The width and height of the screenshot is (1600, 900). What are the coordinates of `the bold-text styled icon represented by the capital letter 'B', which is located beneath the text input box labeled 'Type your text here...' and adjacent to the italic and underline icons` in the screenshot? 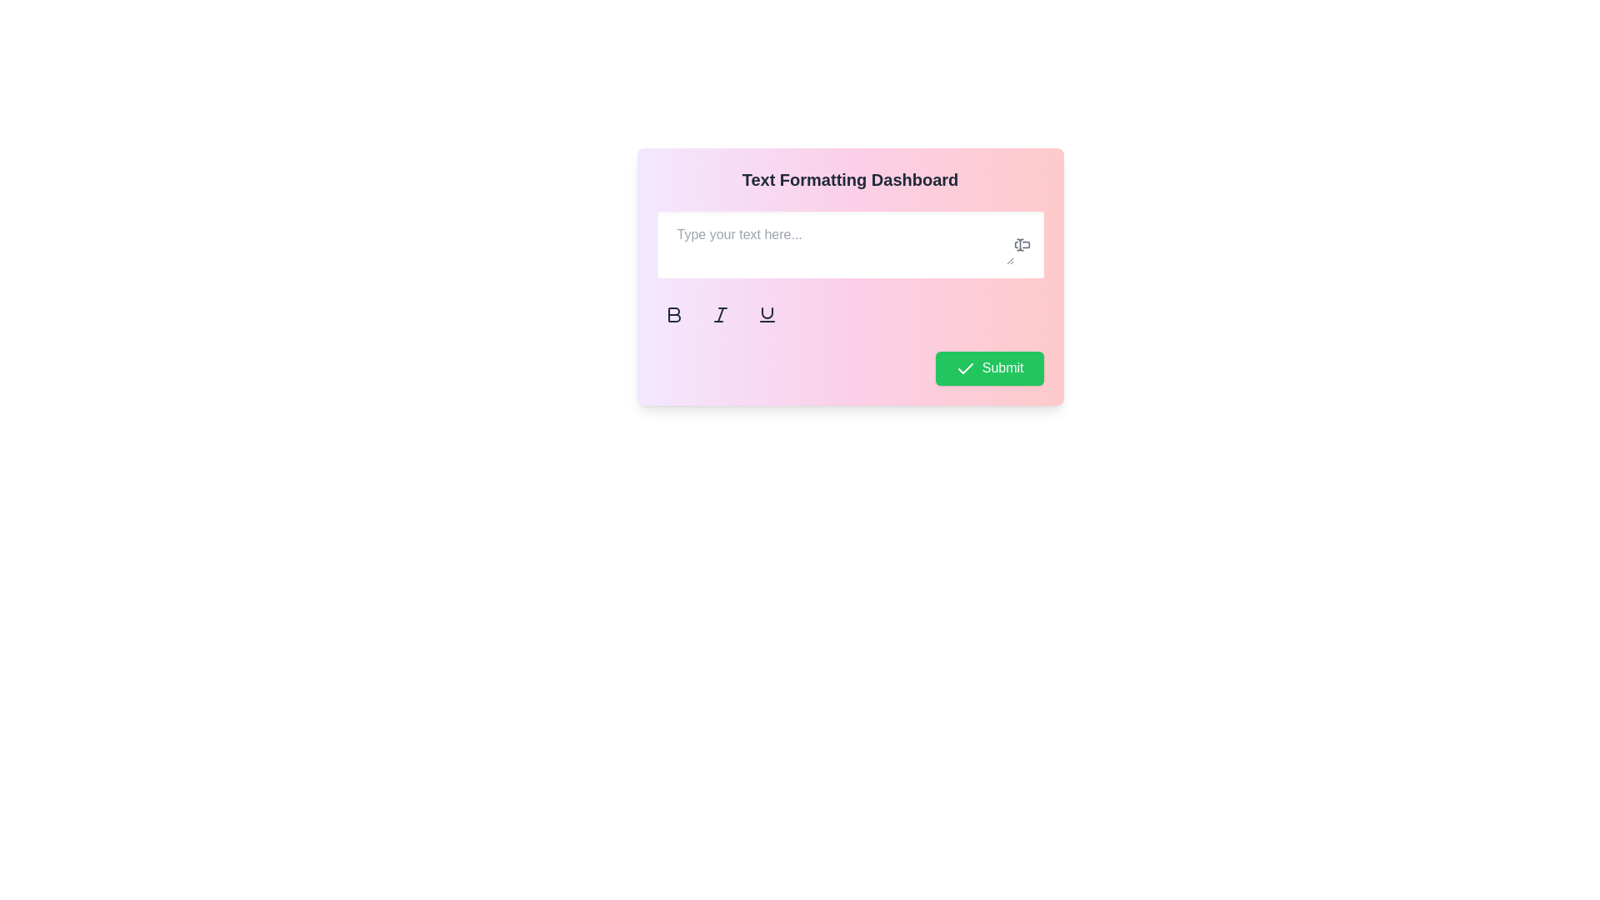 It's located at (674, 315).